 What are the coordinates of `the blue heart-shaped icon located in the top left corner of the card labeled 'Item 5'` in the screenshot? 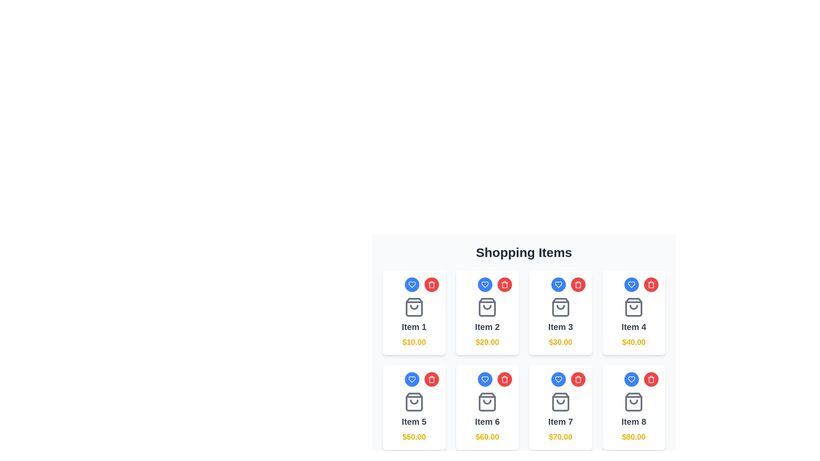 It's located at (412, 379).